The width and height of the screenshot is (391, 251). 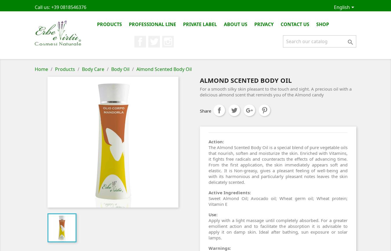 I want to click on 'Twitter', so click(x=167, y=39).